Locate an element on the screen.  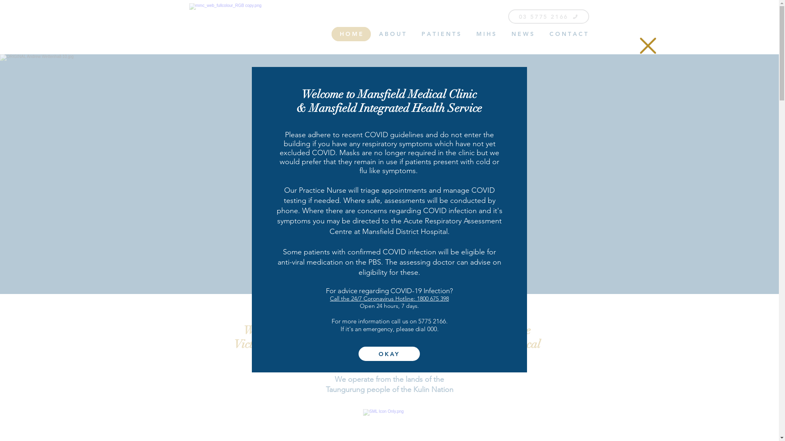
'C O N T A C T' is located at coordinates (568, 33).